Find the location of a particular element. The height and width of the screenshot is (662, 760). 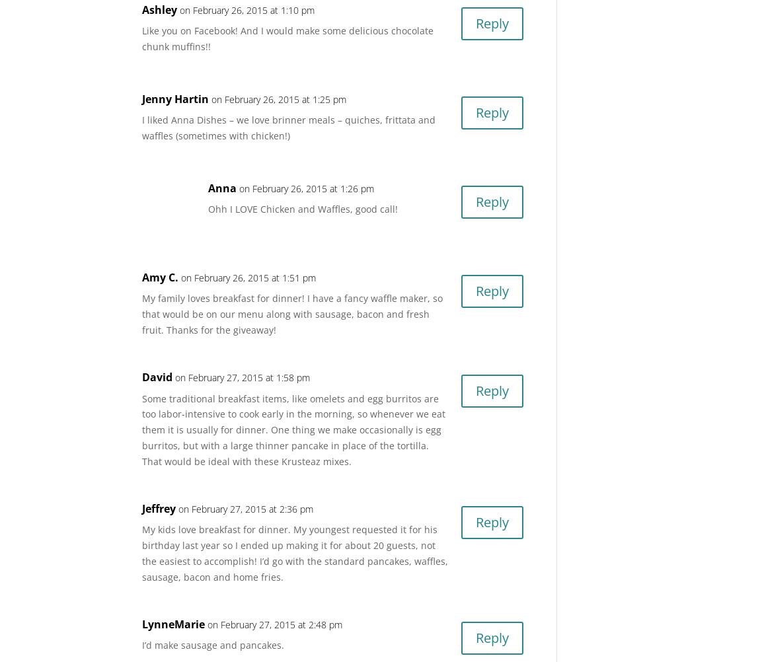

'I’d make sausage and pancakes.' is located at coordinates (213, 644).